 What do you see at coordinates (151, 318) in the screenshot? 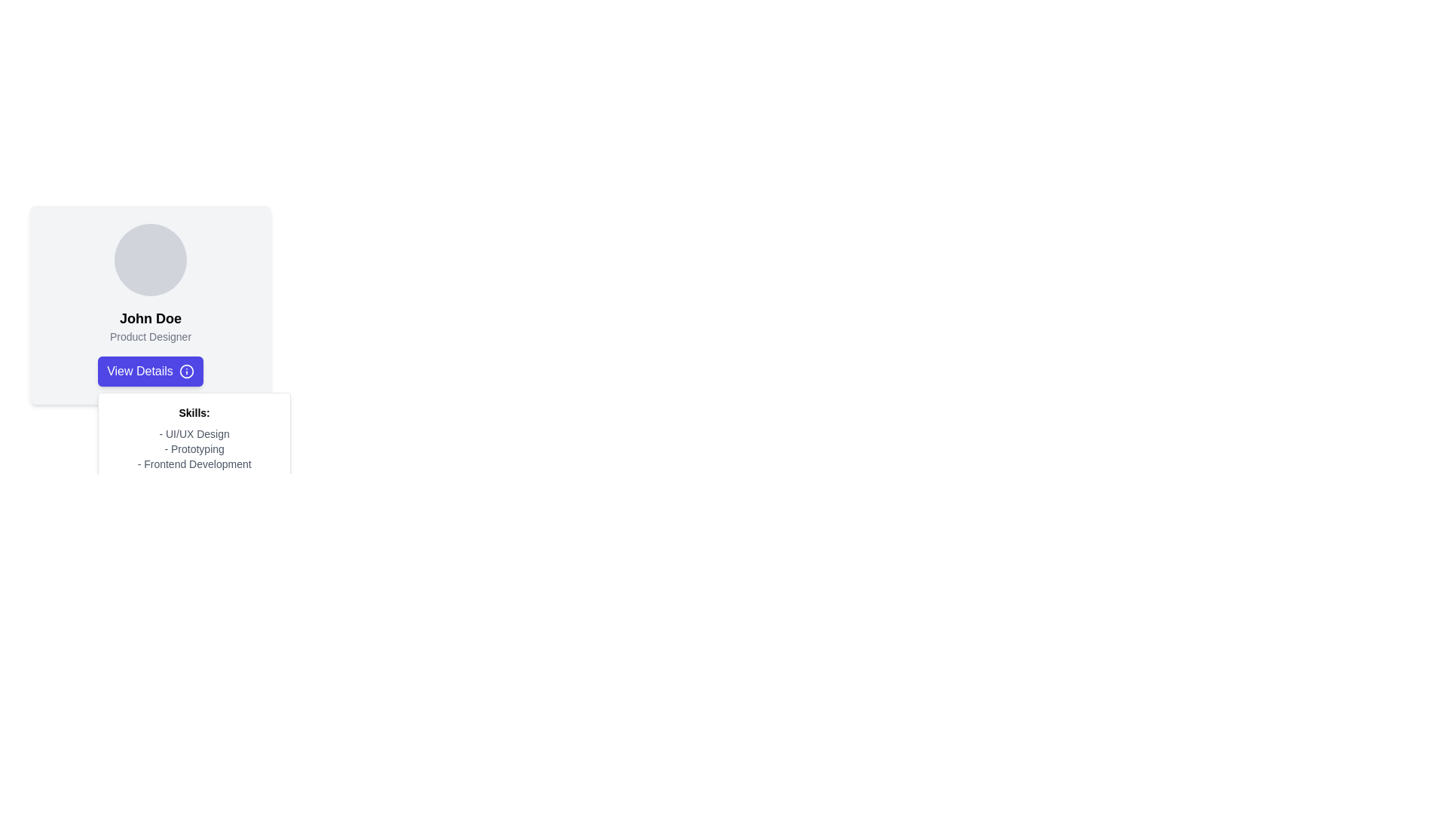
I see `the text label displaying 'John Doe', which is positioned below a circular image and above the job title 'Product Designer'` at bounding box center [151, 318].